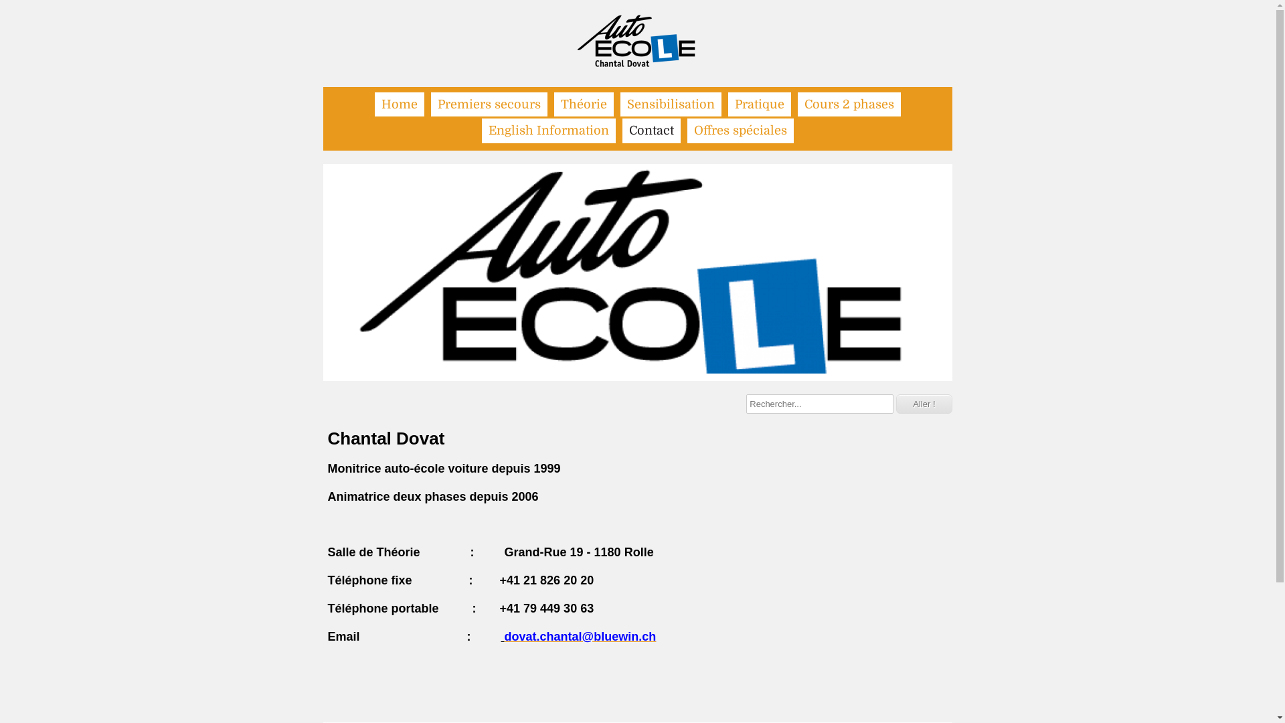 The image size is (1285, 723). Describe the element at coordinates (580, 636) in the screenshot. I see `'dovat.chantal@bluewin.ch'` at that location.